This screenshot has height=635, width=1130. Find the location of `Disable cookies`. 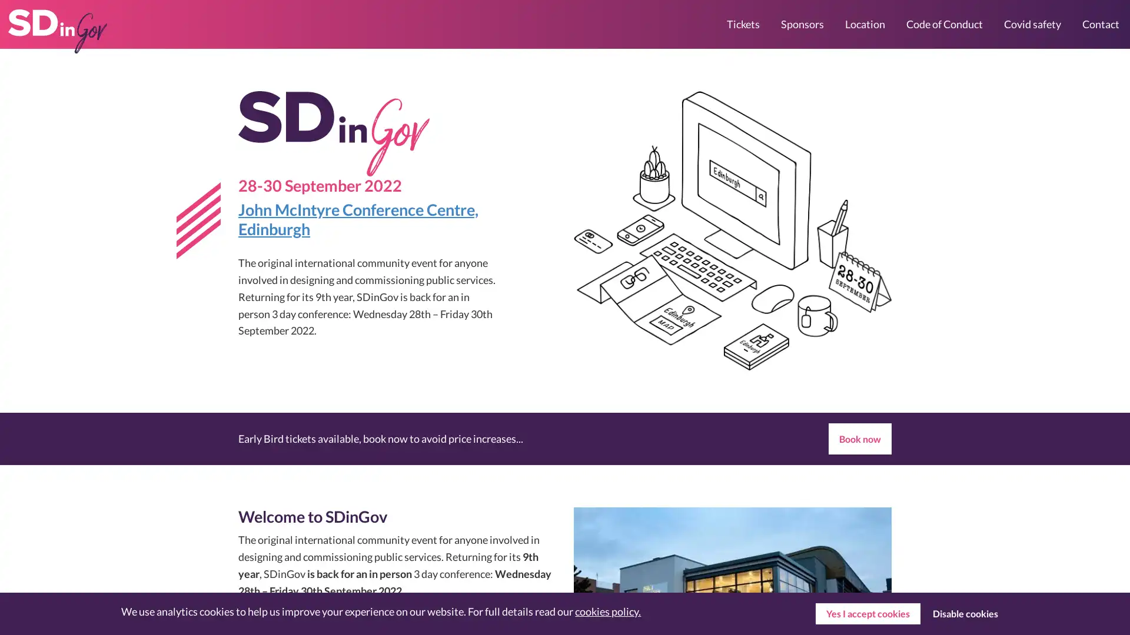

Disable cookies is located at coordinates (965, 613).